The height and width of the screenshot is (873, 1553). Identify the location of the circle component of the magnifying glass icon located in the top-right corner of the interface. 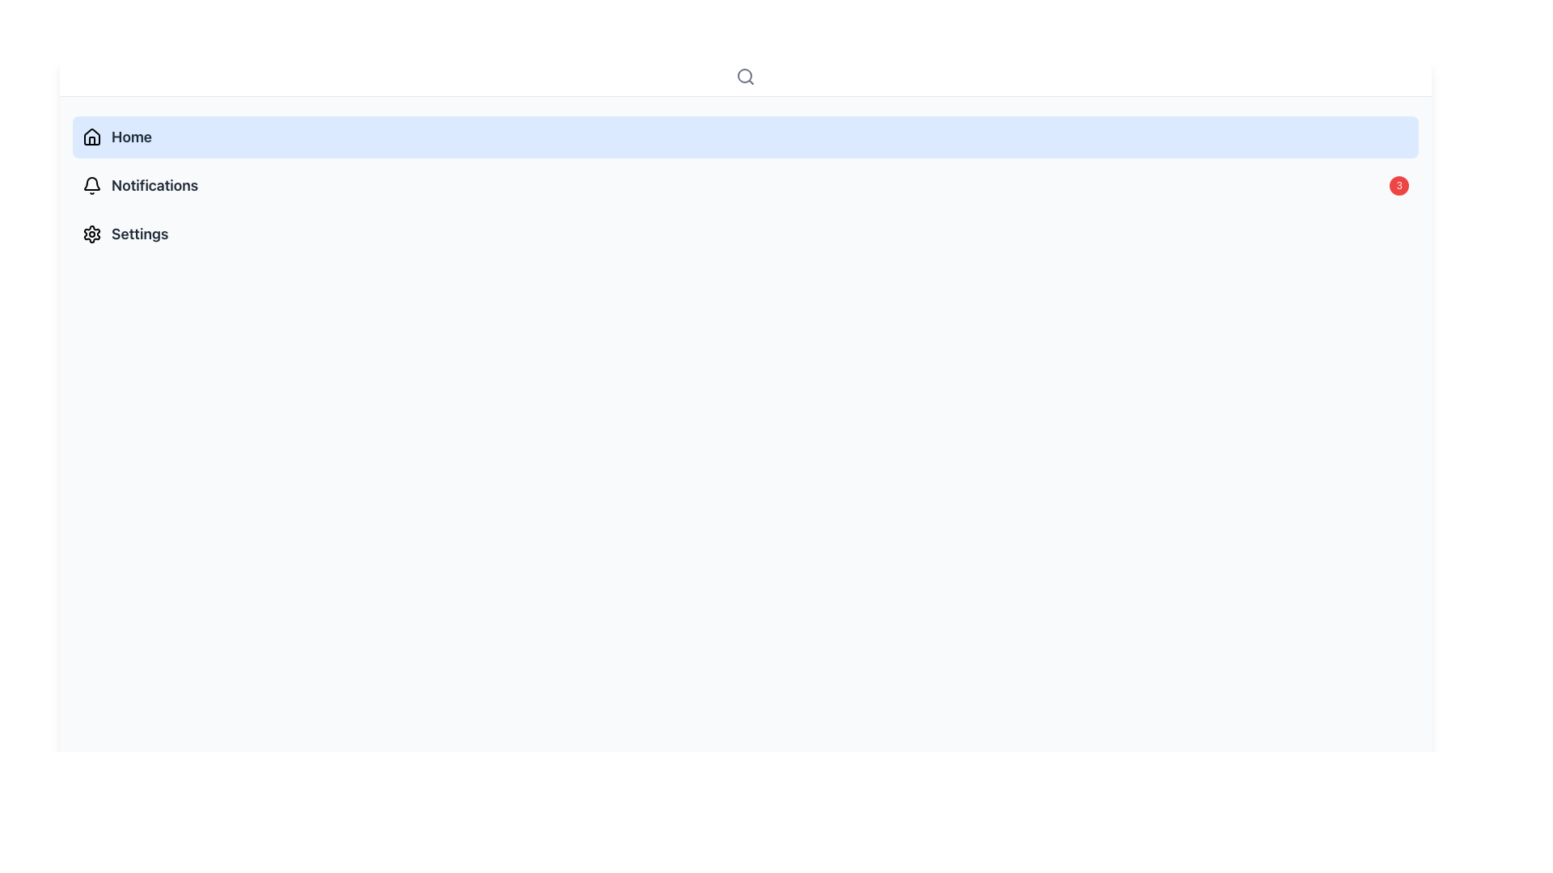
(744, 75).